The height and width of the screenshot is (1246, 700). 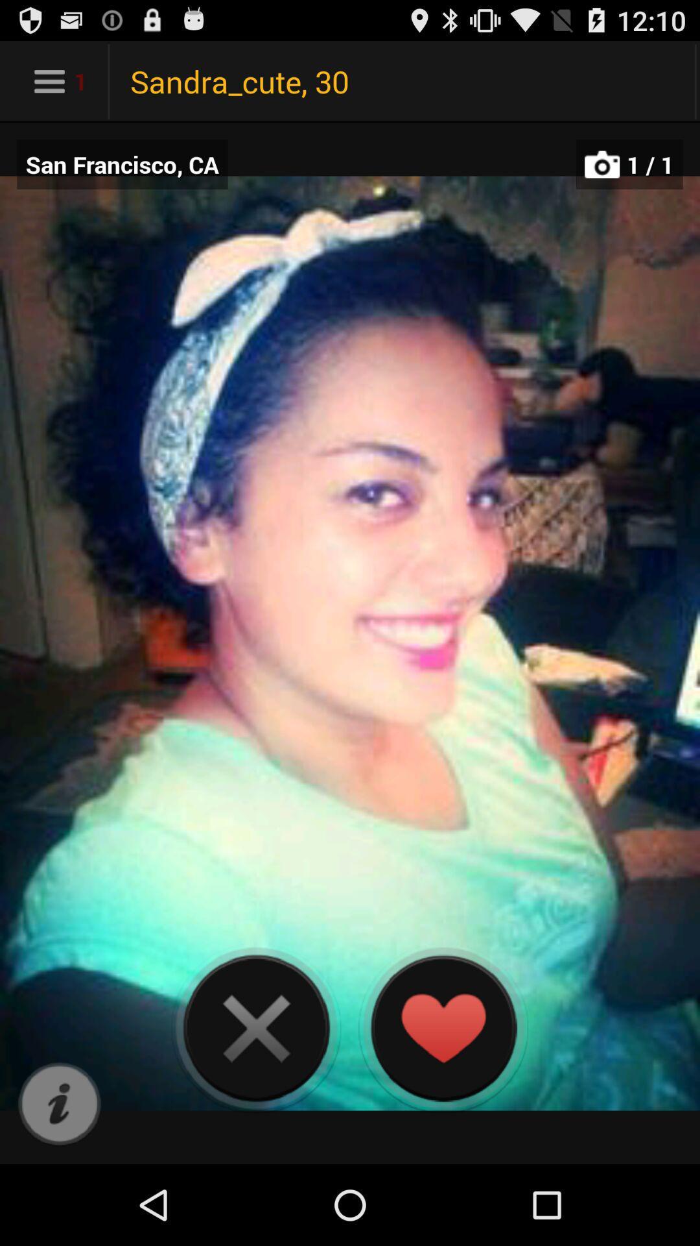 What do you see at coordinates (59, 1104) in the screenshot?
I see `post to instagram` at bounding box center [59, 1104].